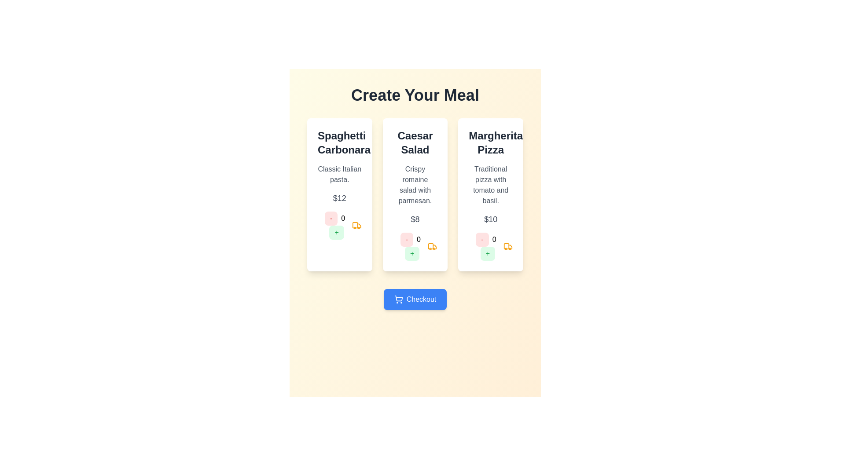 The height and width of the screenshot is (475, 845). Describe the element at coordinates (415, 184) in the screenshot. I see `the descriptive text element that provides details about the 'Caesar Salad', located below the title and above the price in the white card menu item` at that location.